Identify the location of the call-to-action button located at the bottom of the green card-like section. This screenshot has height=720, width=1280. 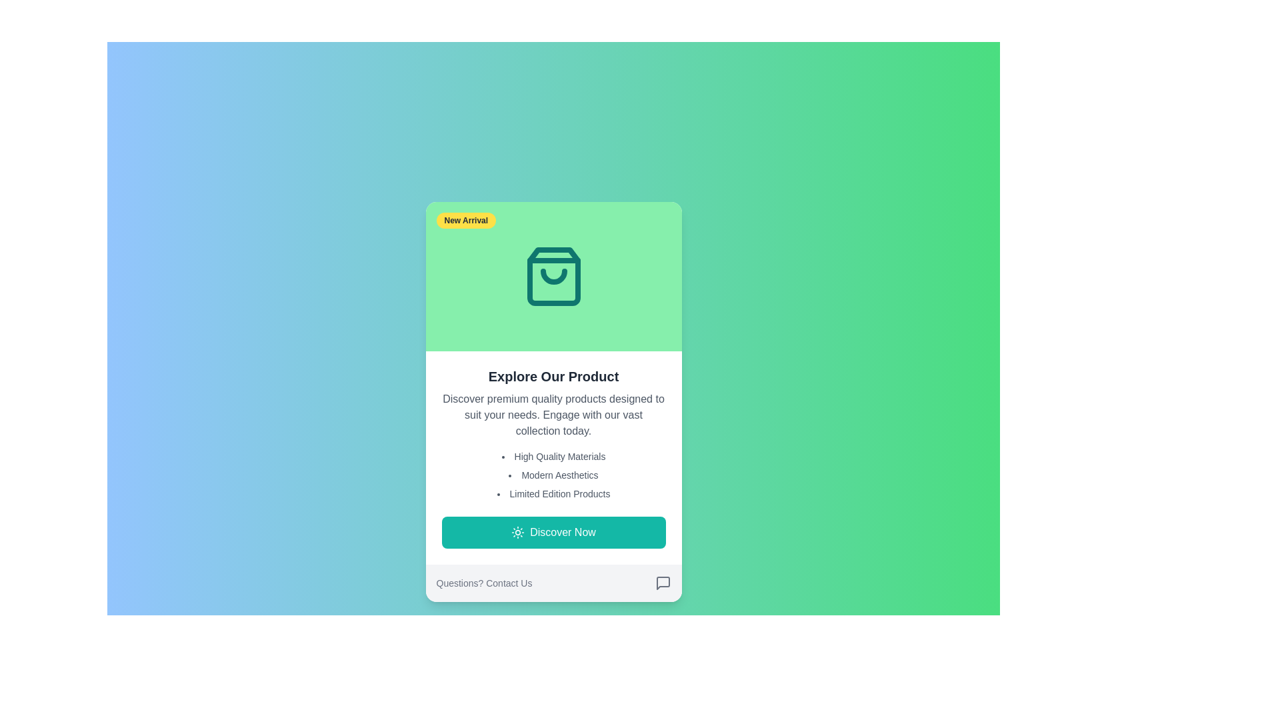
(553, 531).